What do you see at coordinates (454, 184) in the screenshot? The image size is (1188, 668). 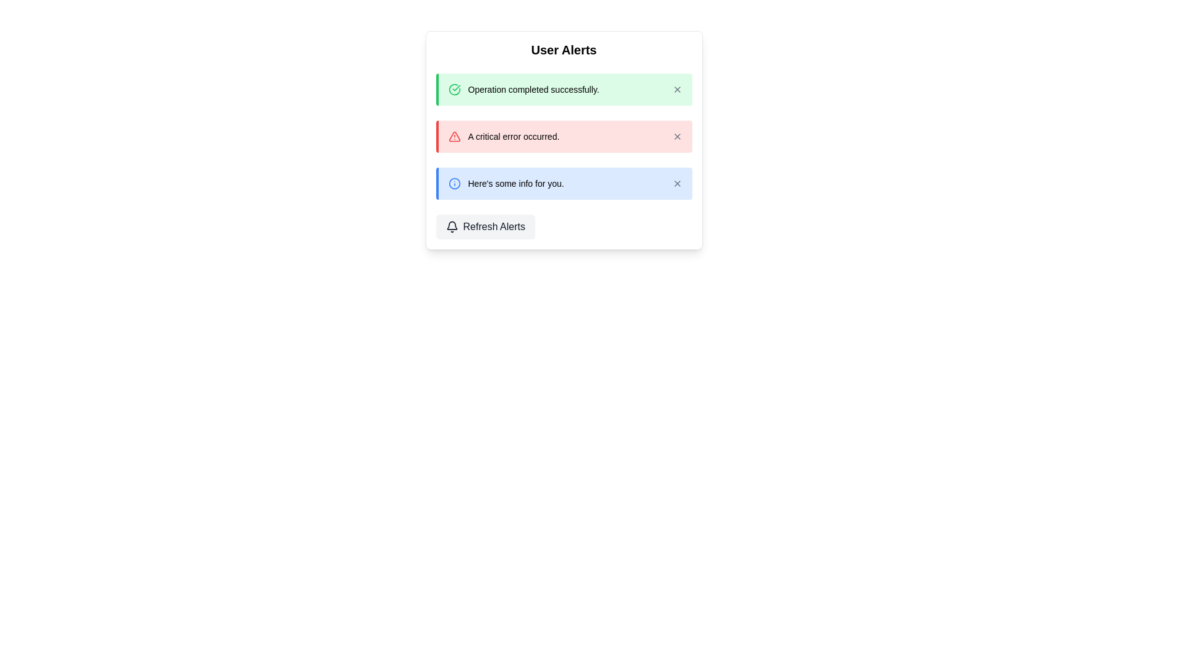 I see `the informational icon located at the beginning of the notification card with the text 'Here's some info for you.'` at bounding box center [454, 184].